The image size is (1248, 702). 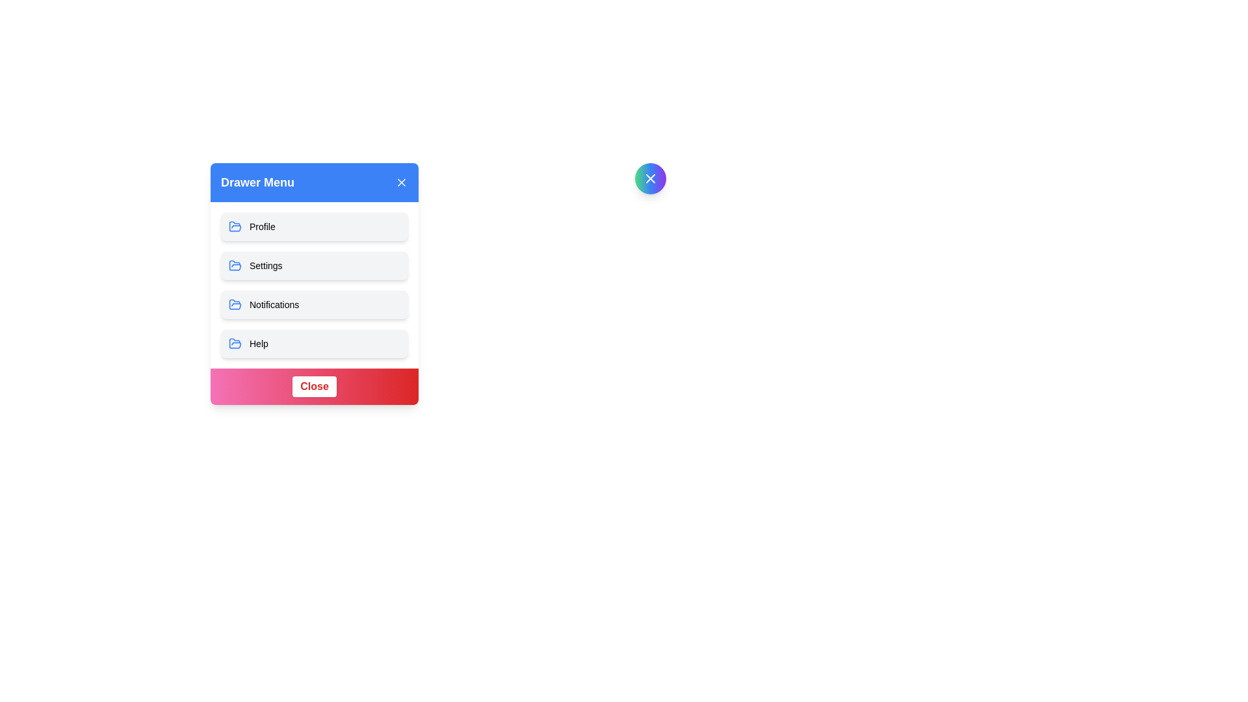 I want to click on the 'Help' text label in the menu, which assists users in locating help-related functionalities or information, so click(x=259, y=343).